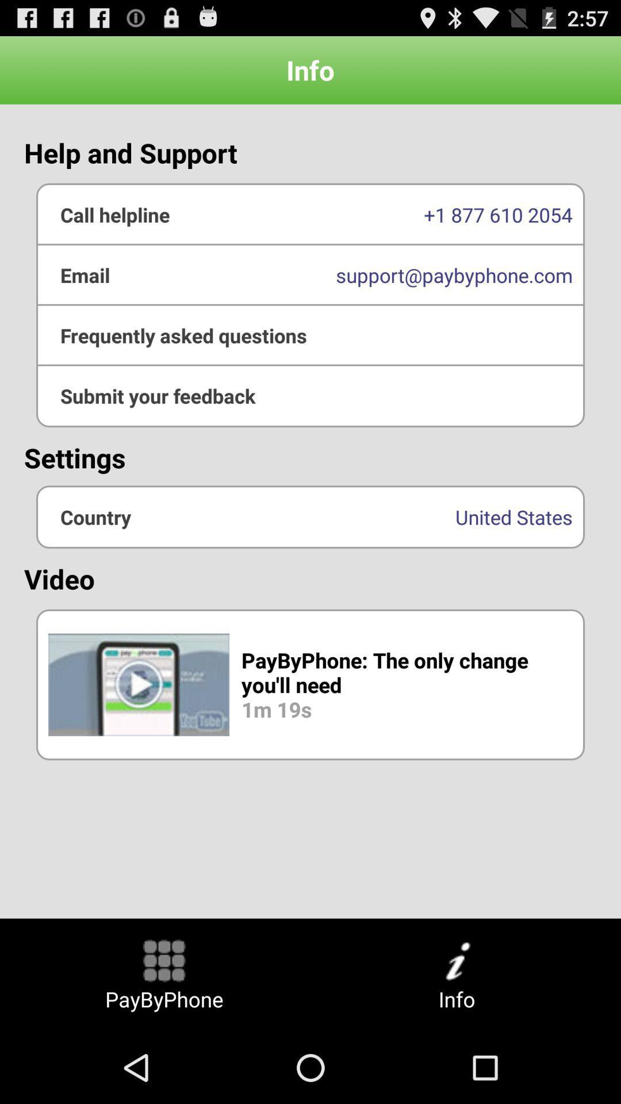  What do you see at coordinates (310, 684) in the screenshot?
I see `the paybyphone the only icon` at bounding box center [310, 684].